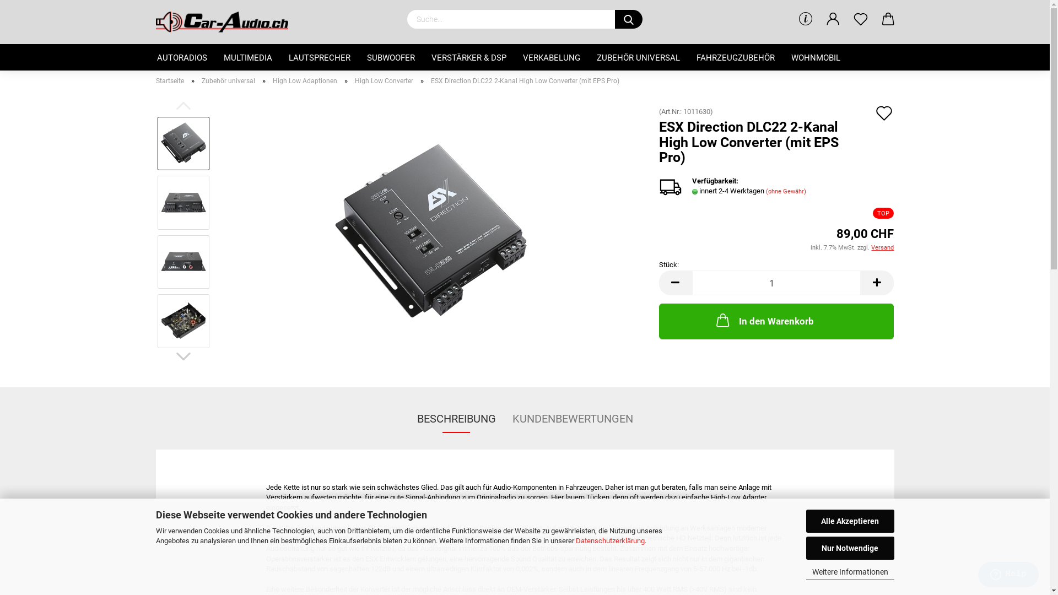 The height and width of the screenshot is (595, 1058). Describe the element at coordinates (1008, 575) in the screenshot. I see `'Opens a widget where you can find more information'` at that location.